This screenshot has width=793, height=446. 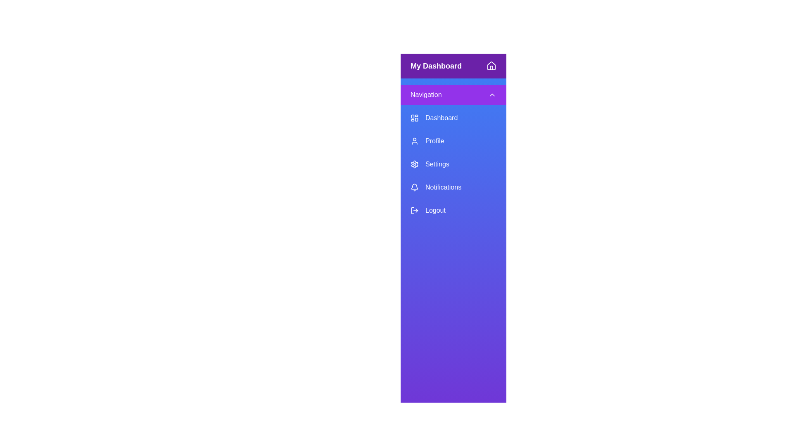 What do you see at coordinates (414, 187) in the screenshot?
I see `the bell-shaped notification icon located in the left-hand navigation menu, which is the fourth element in the list` at bounding box center [414, 187].